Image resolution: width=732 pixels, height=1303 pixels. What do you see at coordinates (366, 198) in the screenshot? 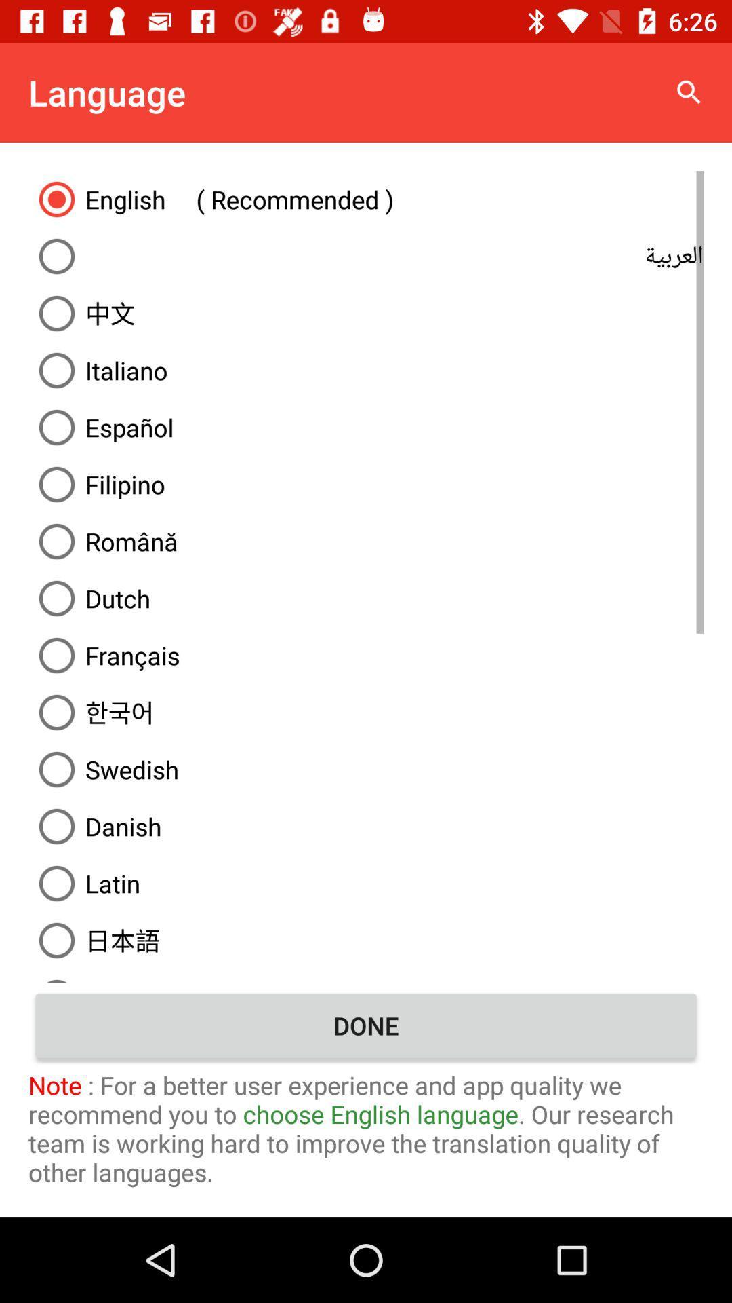
I see `english     ( recommended ) item` at bounding box center [366, 198].